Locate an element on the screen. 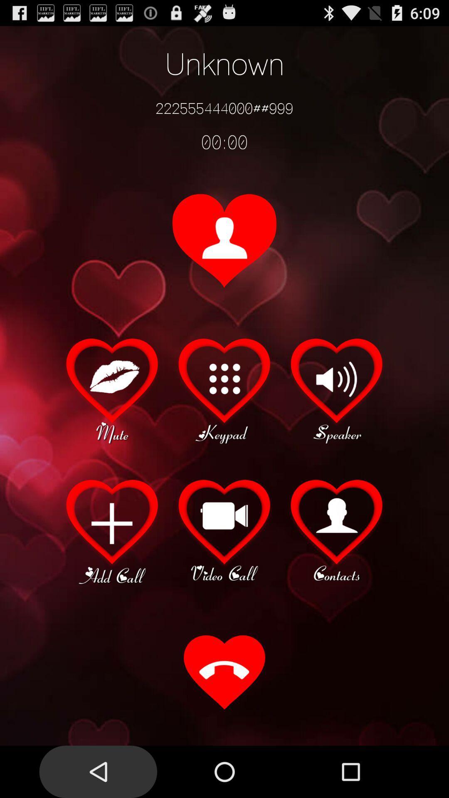  keypad select option is located at coordinates (224, 389).